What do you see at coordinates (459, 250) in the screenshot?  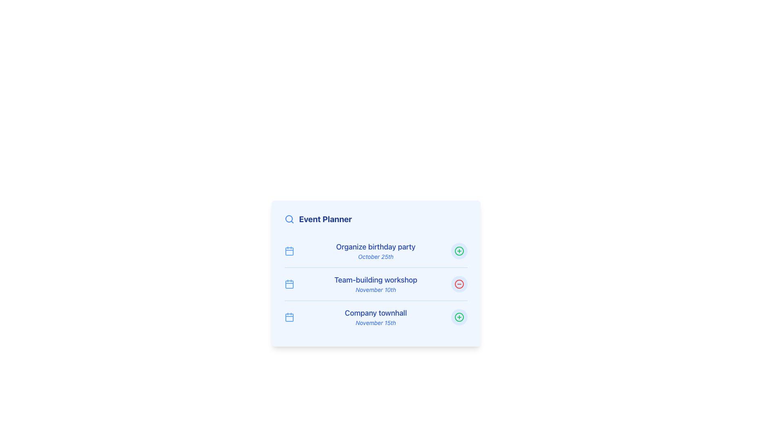 I see `the circular icon with a green outline located next to the 'Company townhall' row in the Event Planner list` at bounding box center [459, 250].